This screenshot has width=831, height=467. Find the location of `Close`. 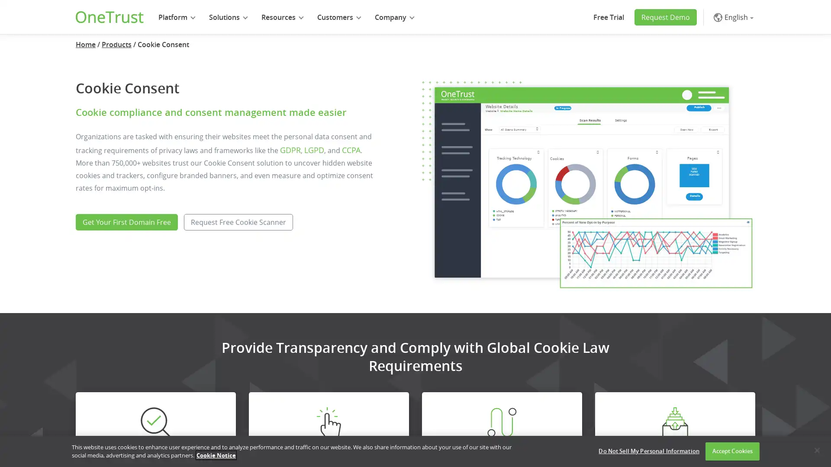

Close is located at coordinates (816, 450).